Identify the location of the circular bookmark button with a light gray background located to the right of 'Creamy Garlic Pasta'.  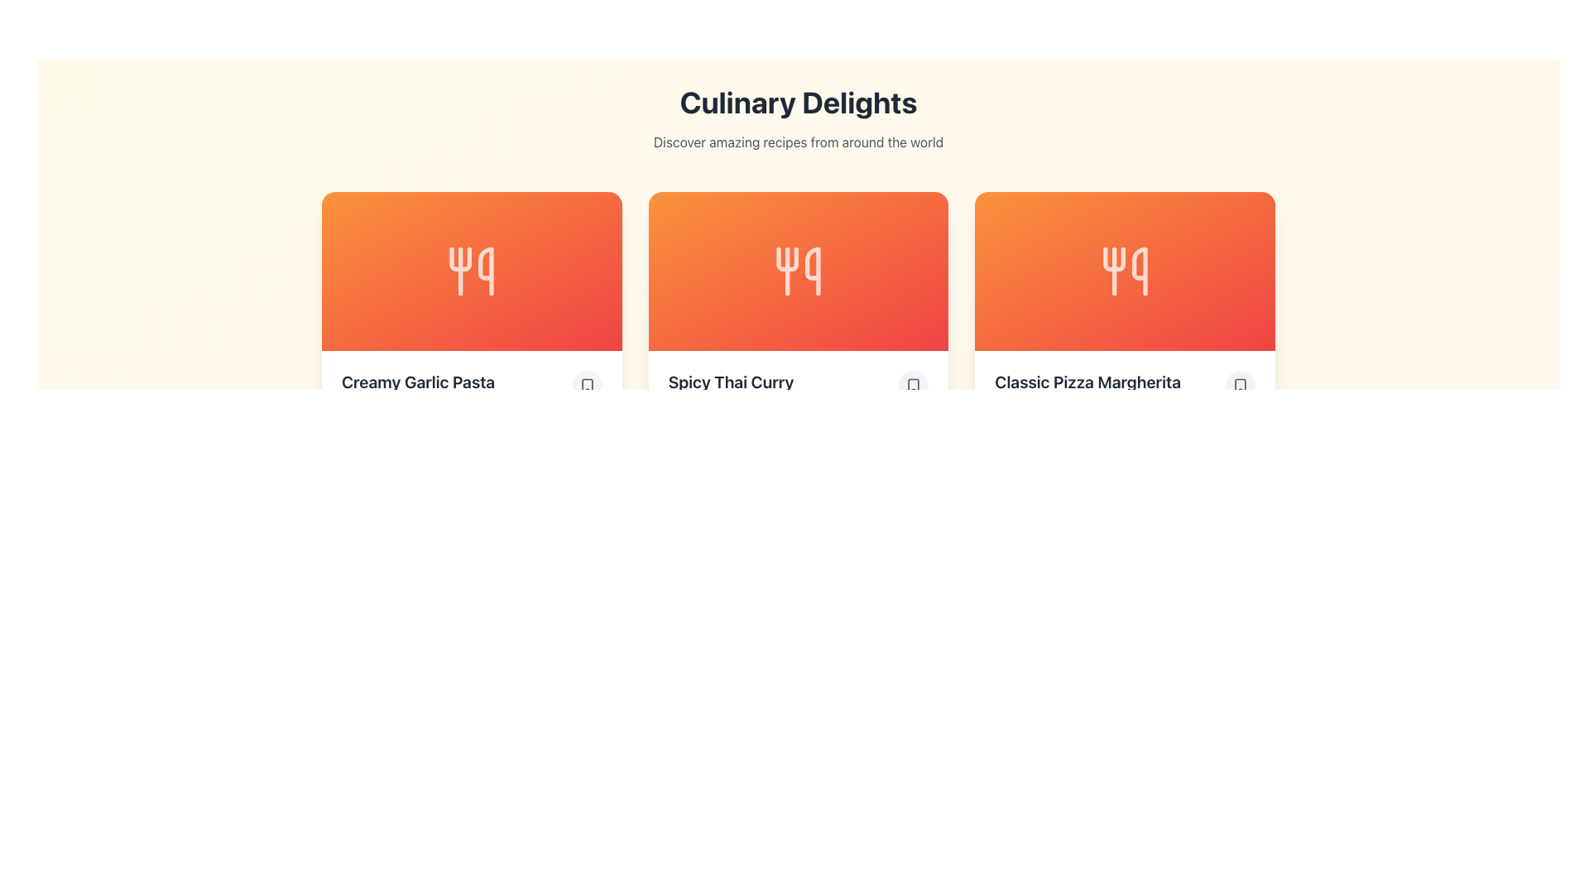
(587, 386).